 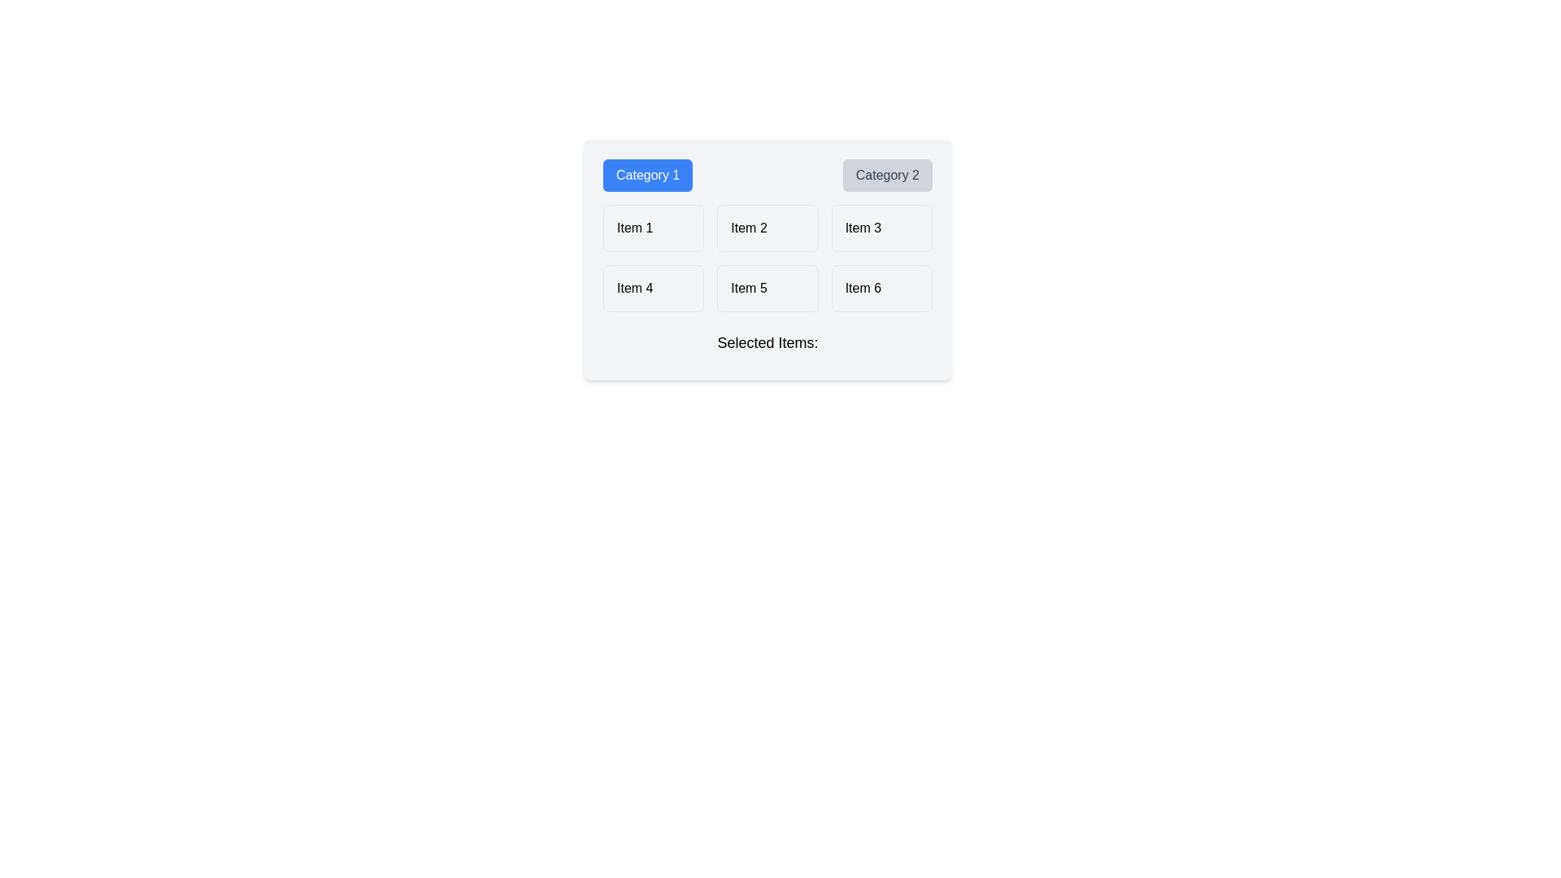 What do you see at coordinates (767, 228) in the screenshot?
I see `the button labeled 'Item 2', which is the second item in a 3x2 grid layout, to execute its associated action` at bounding box center [767, 228].